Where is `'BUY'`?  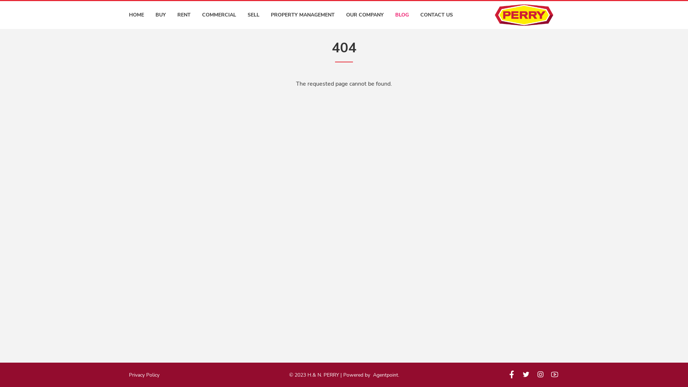
'BUY' is located at coordinates (160, 15).